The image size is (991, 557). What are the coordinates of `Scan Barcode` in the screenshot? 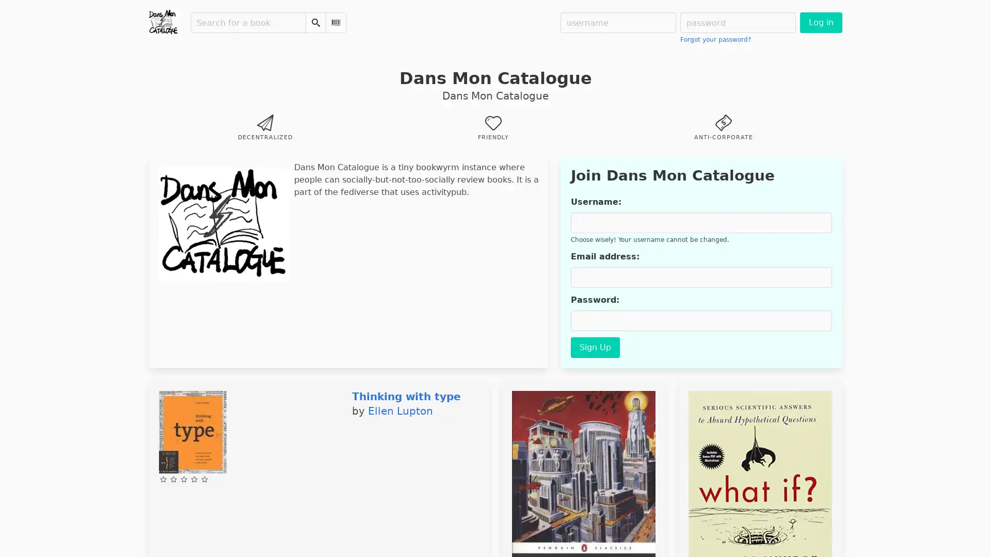 It's located at (336, 22).